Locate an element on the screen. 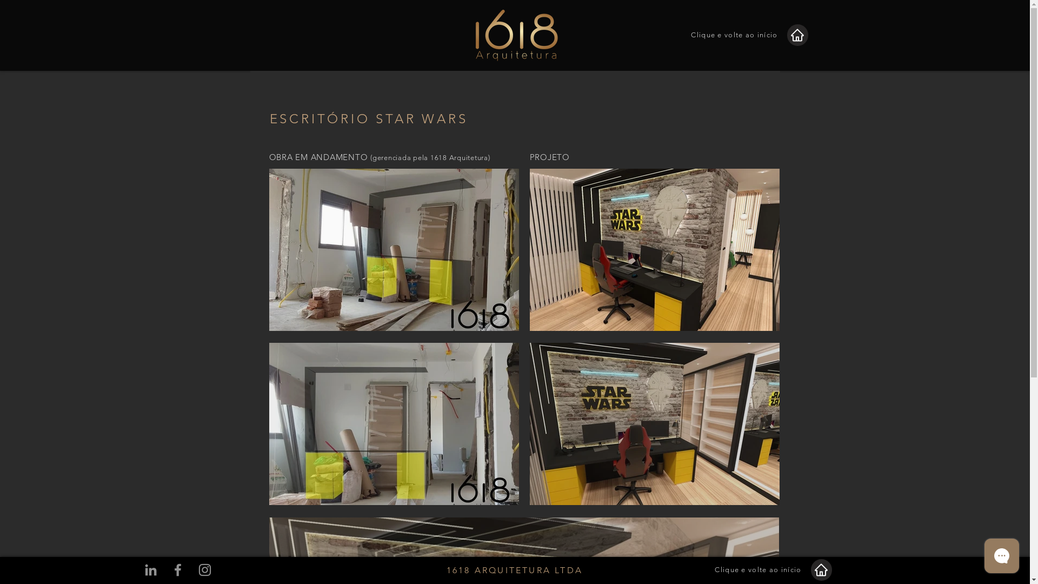  '1618 ARQUITETURA LTDA' is located at coordinates (514, 569).